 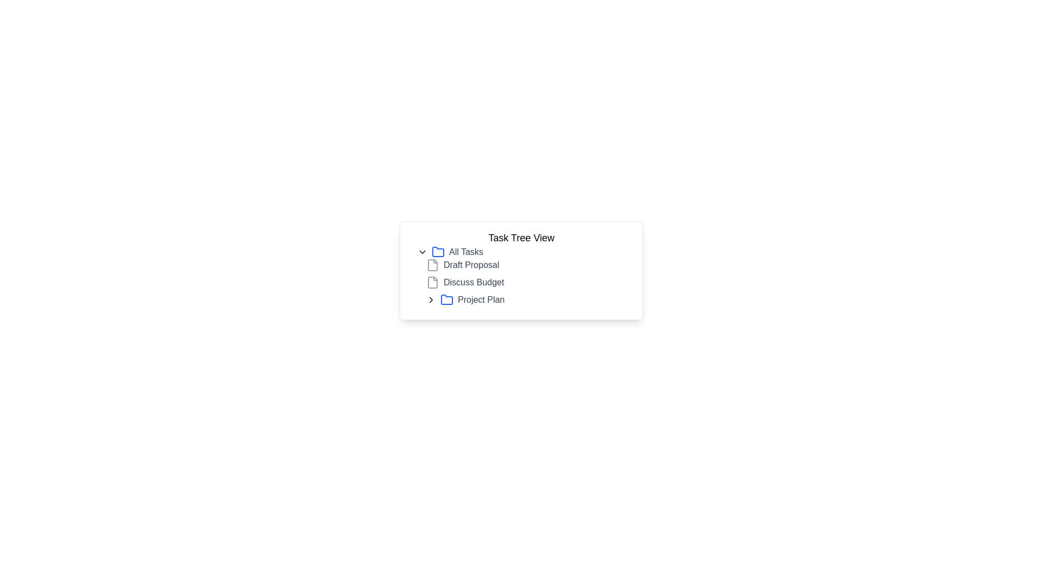 What do you see at coordinates (530, 282) in the screenshot?
I see `the Tree view node labeled 'Discuss Budget'` at bounding box center [530, 282].